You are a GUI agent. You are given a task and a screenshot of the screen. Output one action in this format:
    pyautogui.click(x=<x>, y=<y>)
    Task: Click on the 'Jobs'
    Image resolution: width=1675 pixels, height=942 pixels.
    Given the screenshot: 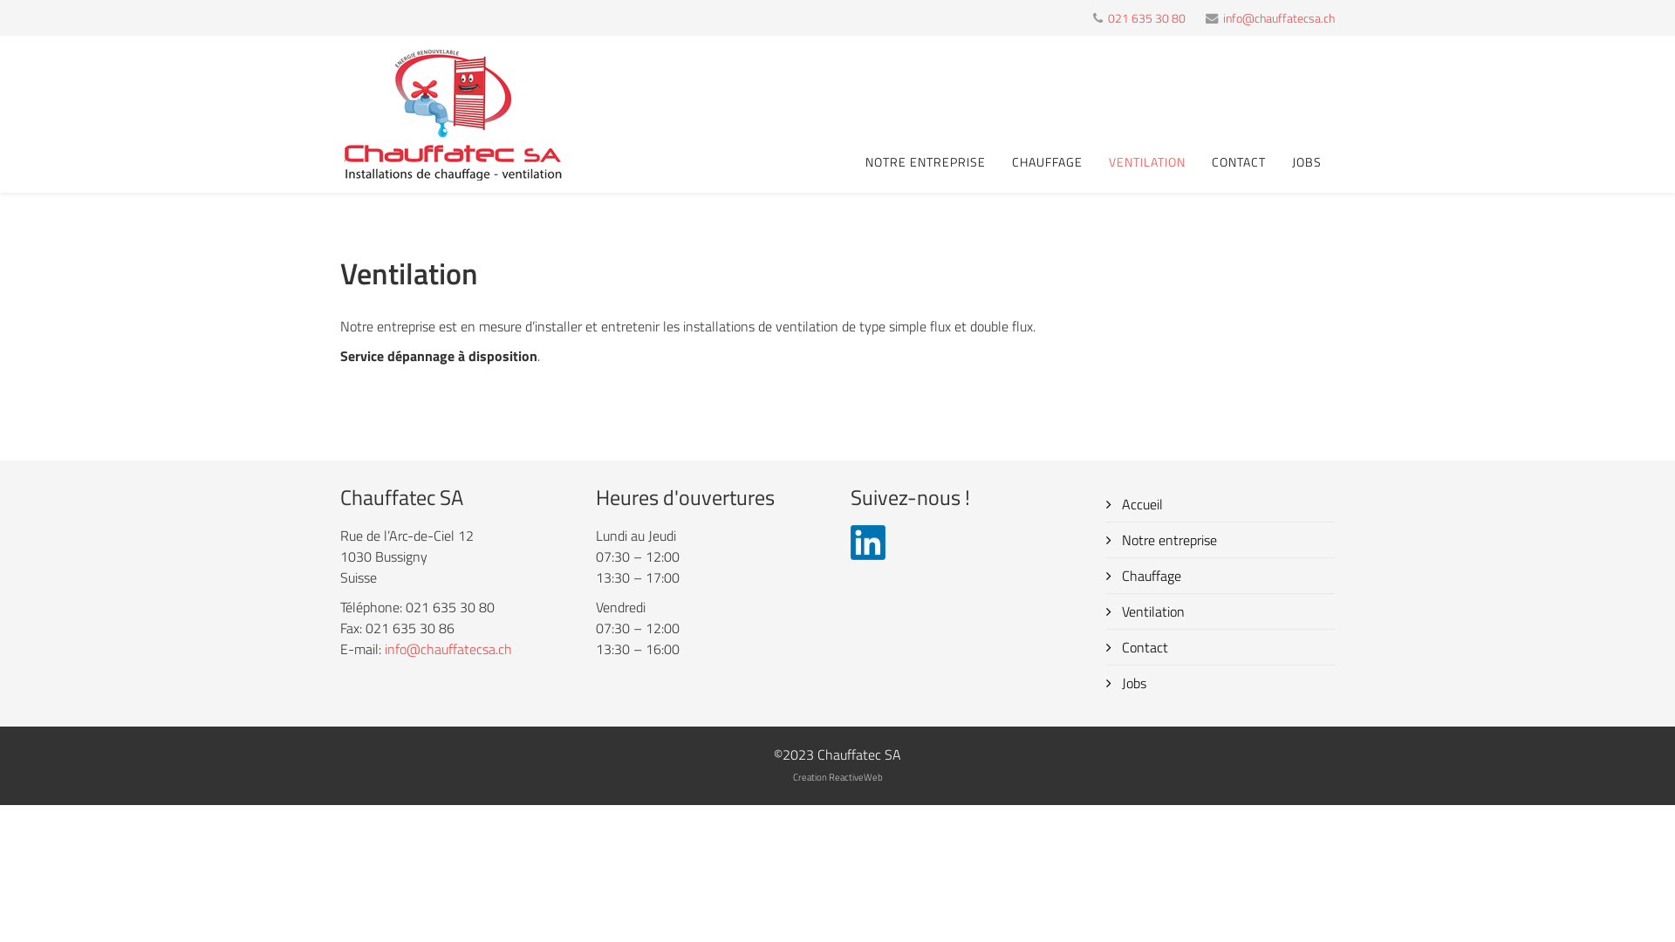 What is the action you would take?
    pyautogui.click(x=1220, y=682)
    